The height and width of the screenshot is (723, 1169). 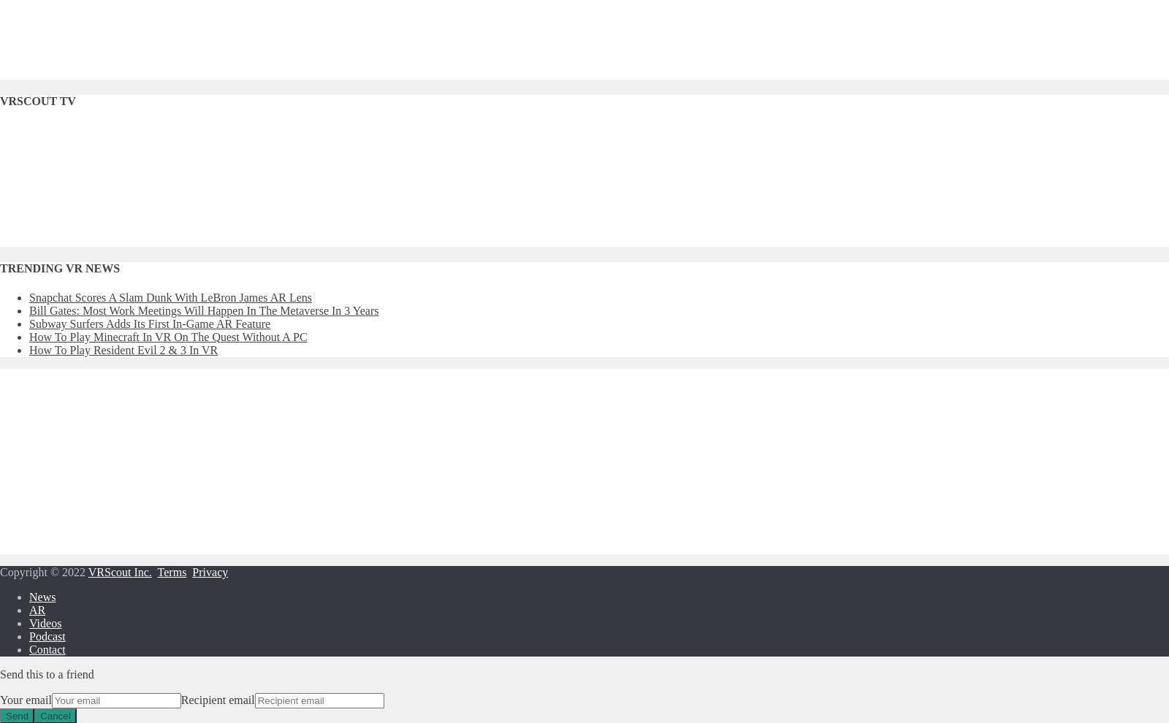 What do you see at coordinates (25, 699) in the screenshot?
I see `'Your email'` at bounding box center [25, 699].